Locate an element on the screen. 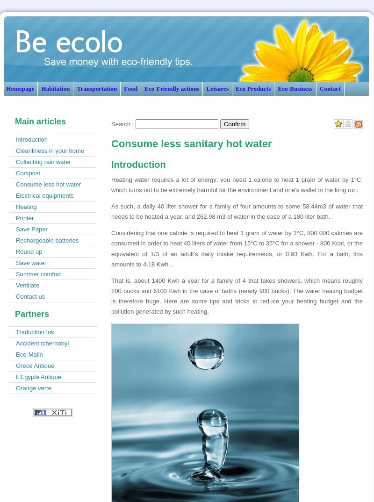  'Leisures' is located at coordinates (217, 88).